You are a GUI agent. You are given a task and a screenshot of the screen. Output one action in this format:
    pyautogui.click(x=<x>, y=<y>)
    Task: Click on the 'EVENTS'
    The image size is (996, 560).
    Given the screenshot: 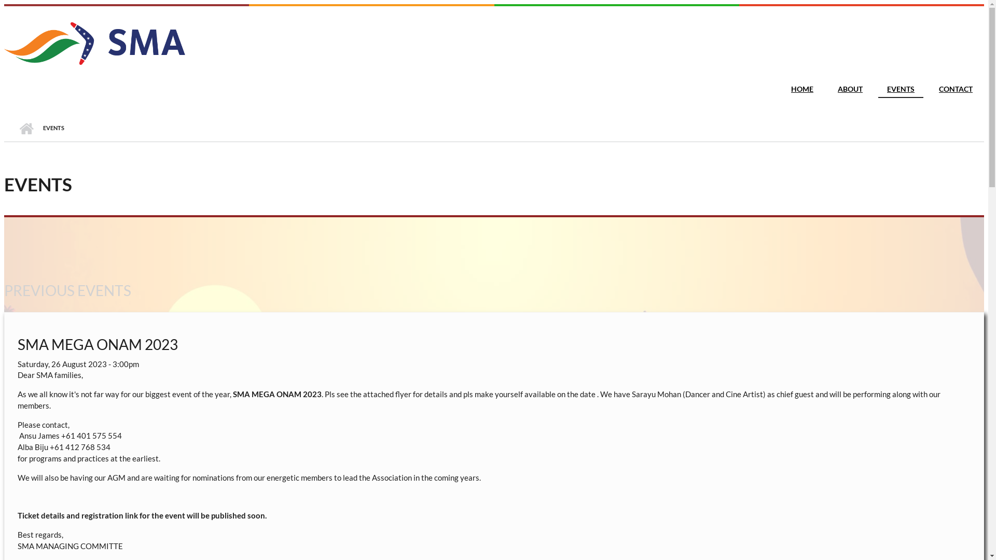 What is the action you would take?
    pyautogui.click(x=900, y=89)
    